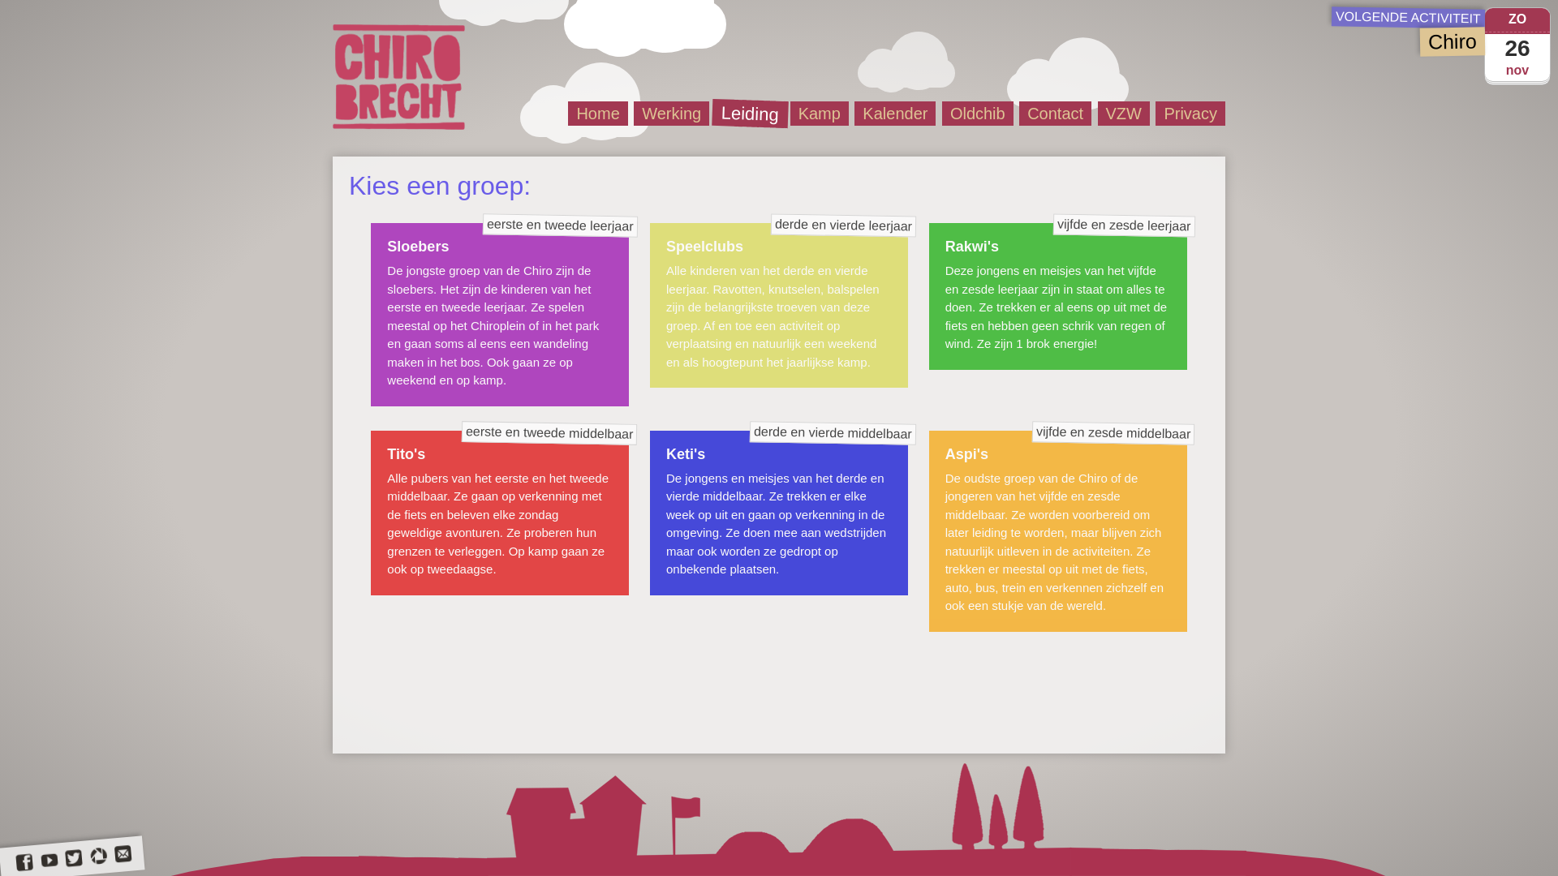  Describe the element at coordinates (121, 853) in the screenshot. I see `'Stuur ons een e-mail'` at that location.